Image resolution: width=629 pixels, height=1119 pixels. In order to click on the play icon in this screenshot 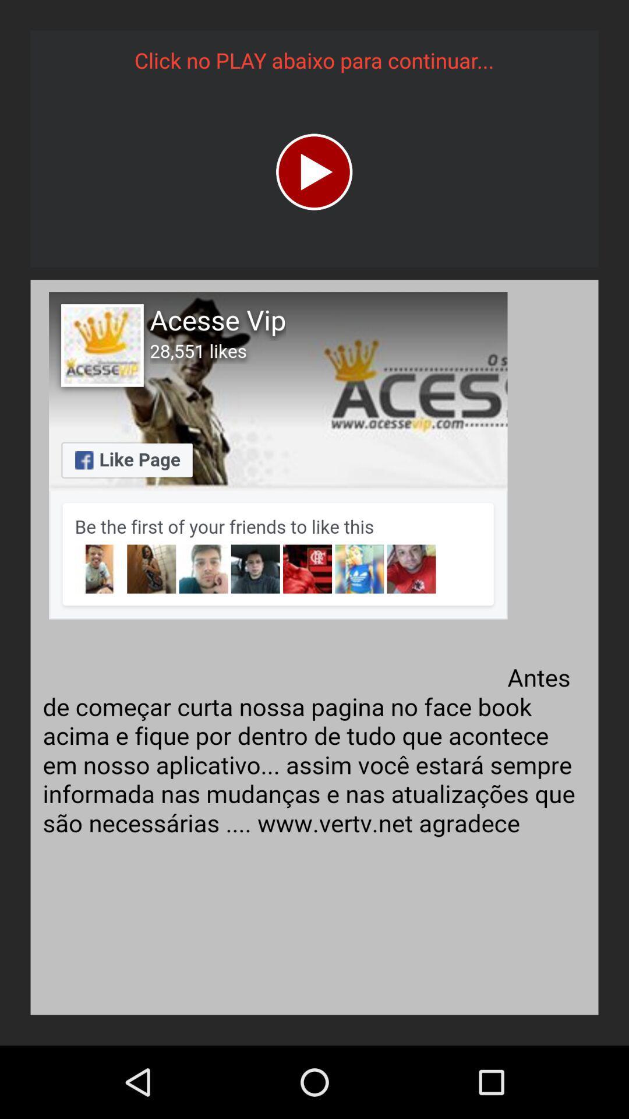, I will do `click(313, 171)`.